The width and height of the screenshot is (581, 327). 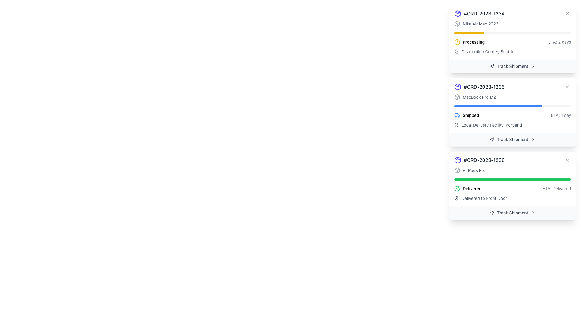 What do you see at coordinates (567, 87) in the screenshot?
I see `the close button located at the top-right corner of the order card '#ORD-2023-1235' to observe hover effects` at bounding box center [567, 87].